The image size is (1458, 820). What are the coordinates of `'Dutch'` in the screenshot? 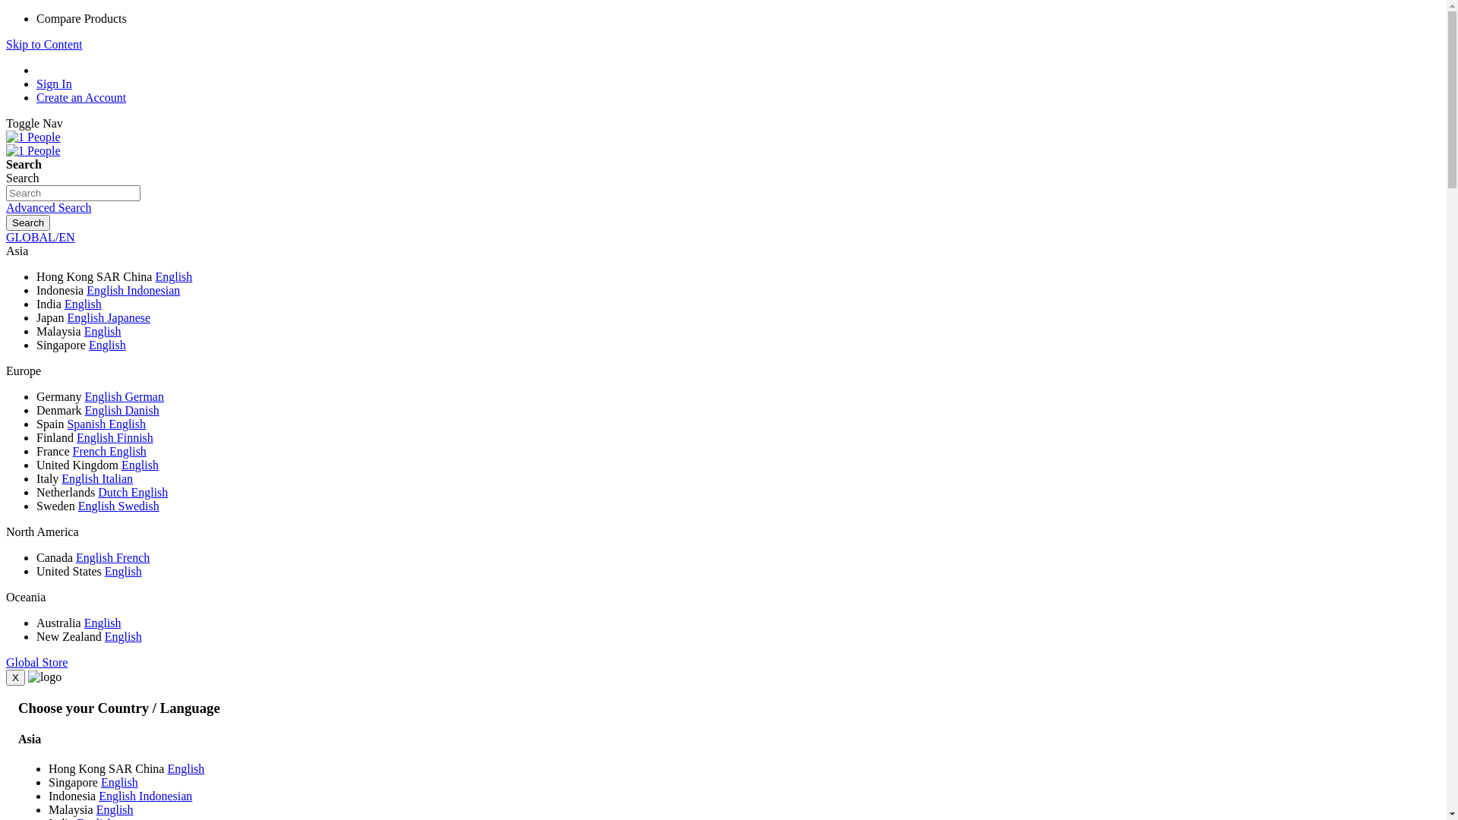 It's located at (97, 492).